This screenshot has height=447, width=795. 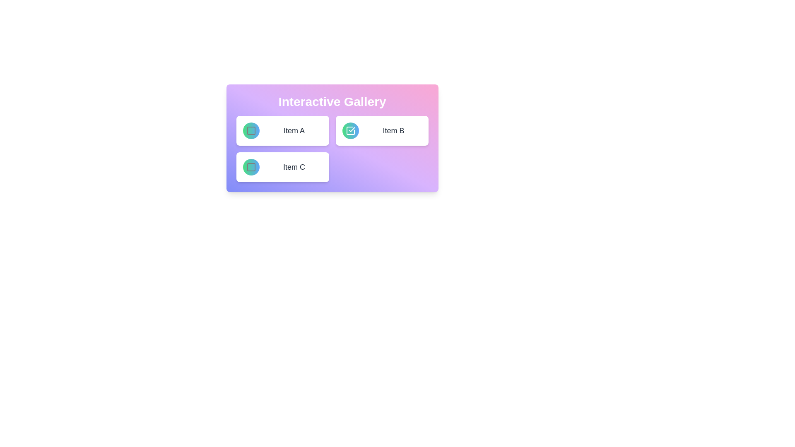 I want to click on the circular button with a gradient background transitioning from green to blue, located to the far left of the top row associated with 'Item A', adjacent to the text label 'Item A', so click(x=251, y=130).